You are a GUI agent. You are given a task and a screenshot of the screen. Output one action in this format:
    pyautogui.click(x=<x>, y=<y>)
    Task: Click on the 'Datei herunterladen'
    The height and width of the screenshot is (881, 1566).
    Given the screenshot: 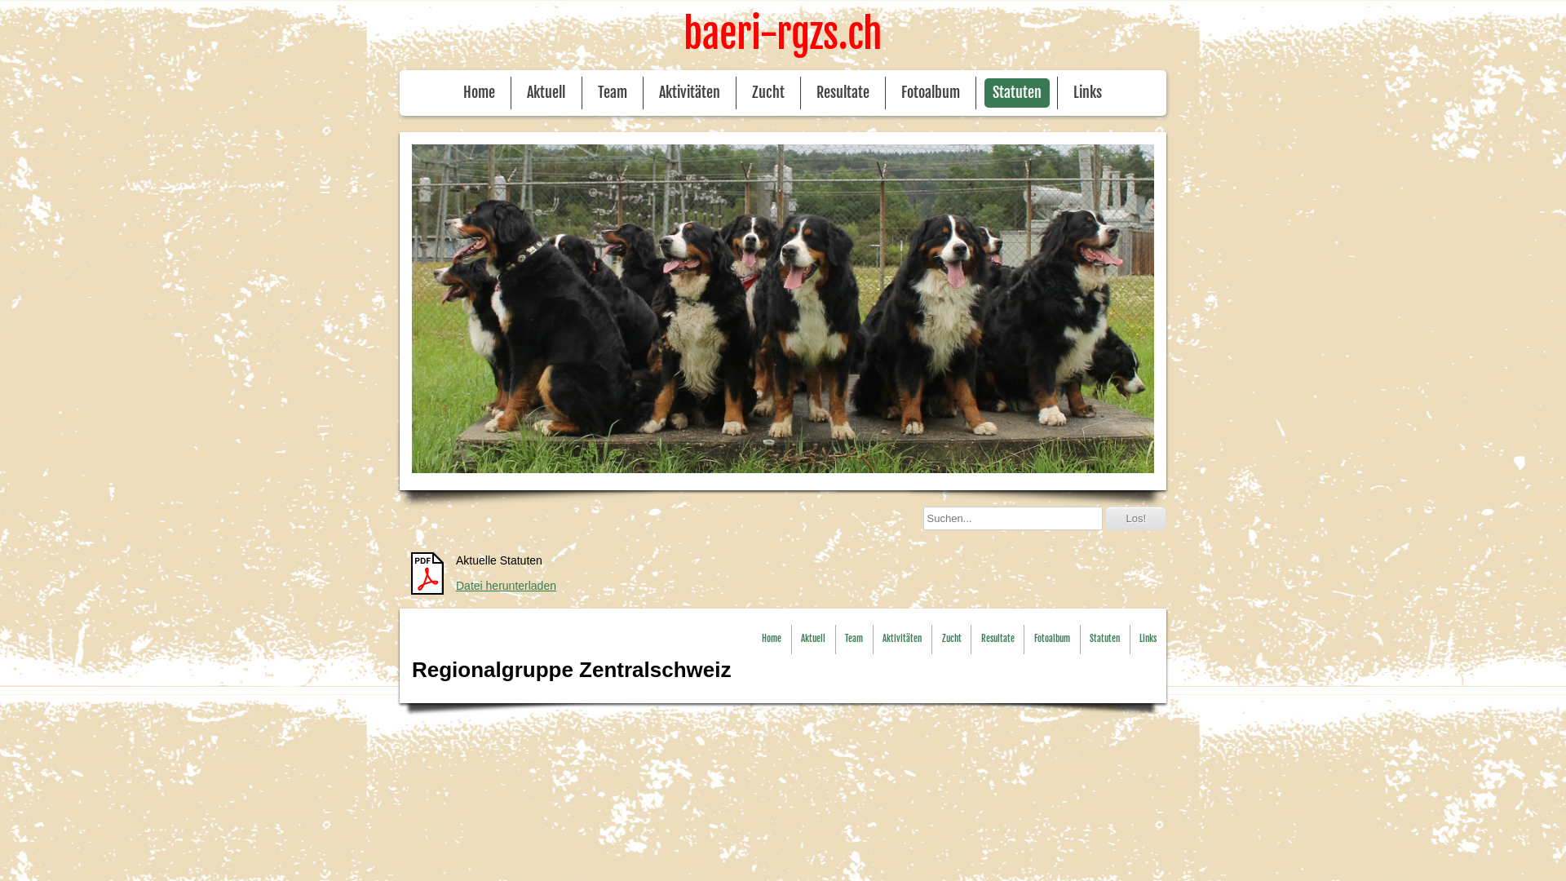 What is the action you would take?
    pyautogui.click(x=505, y=584)
    